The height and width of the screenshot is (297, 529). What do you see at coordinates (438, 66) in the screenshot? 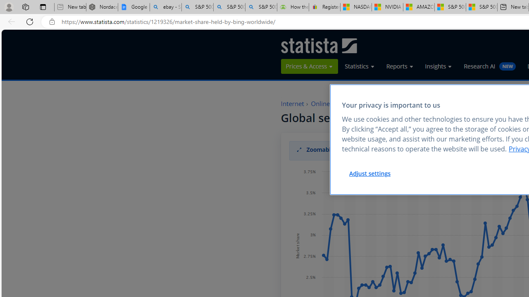
I see `'Insights'` at bounding box center [438, 66].